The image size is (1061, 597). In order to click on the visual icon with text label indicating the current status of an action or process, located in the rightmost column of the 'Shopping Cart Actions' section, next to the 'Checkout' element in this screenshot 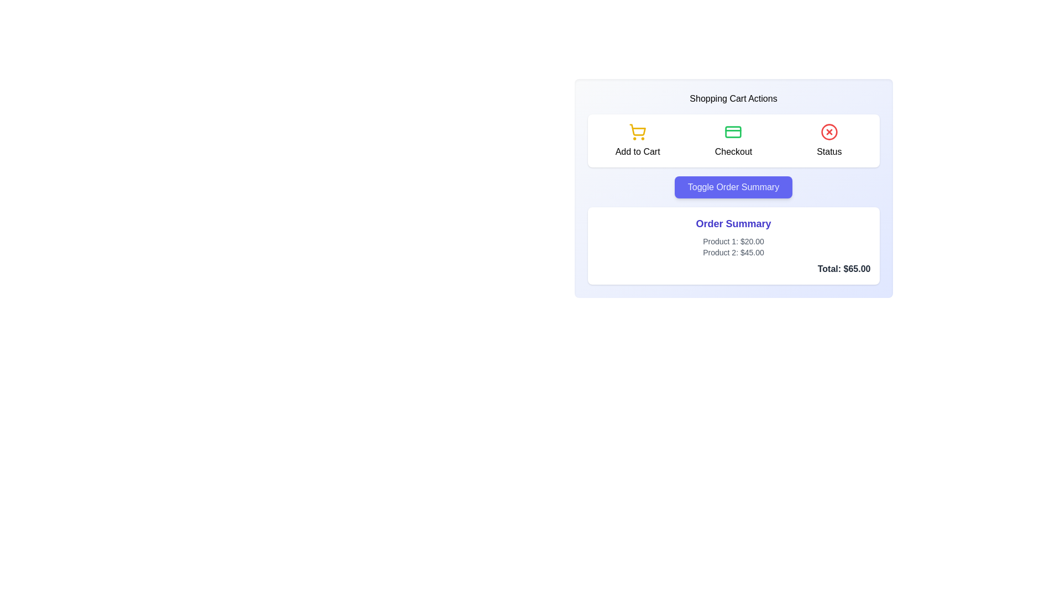, I will do `click(829, 140)`.